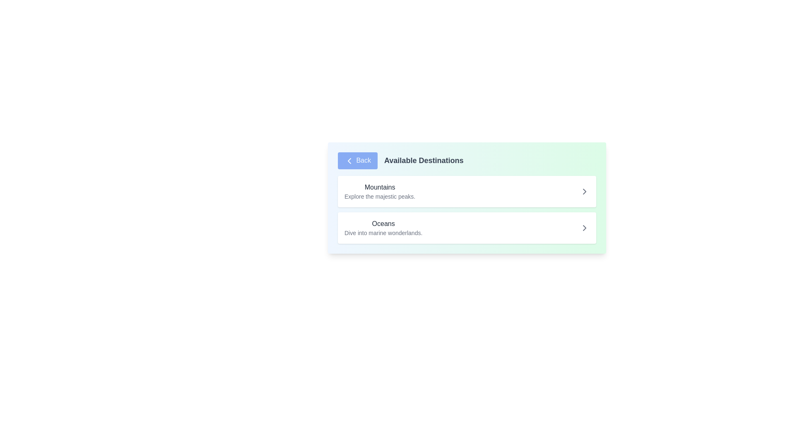 The height and width of the screenshot is (447, 795). What do you see at coordinates (424, 161) in the screenshot?
I see `the static text label that serves as a title or heading for the current view, located to the right of the 'Back' button in the navigation bar` at bounding box center [424, 161].